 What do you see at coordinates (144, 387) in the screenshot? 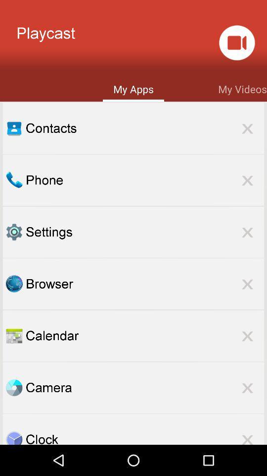
I see `camera item` at bounding box center [144, 387].